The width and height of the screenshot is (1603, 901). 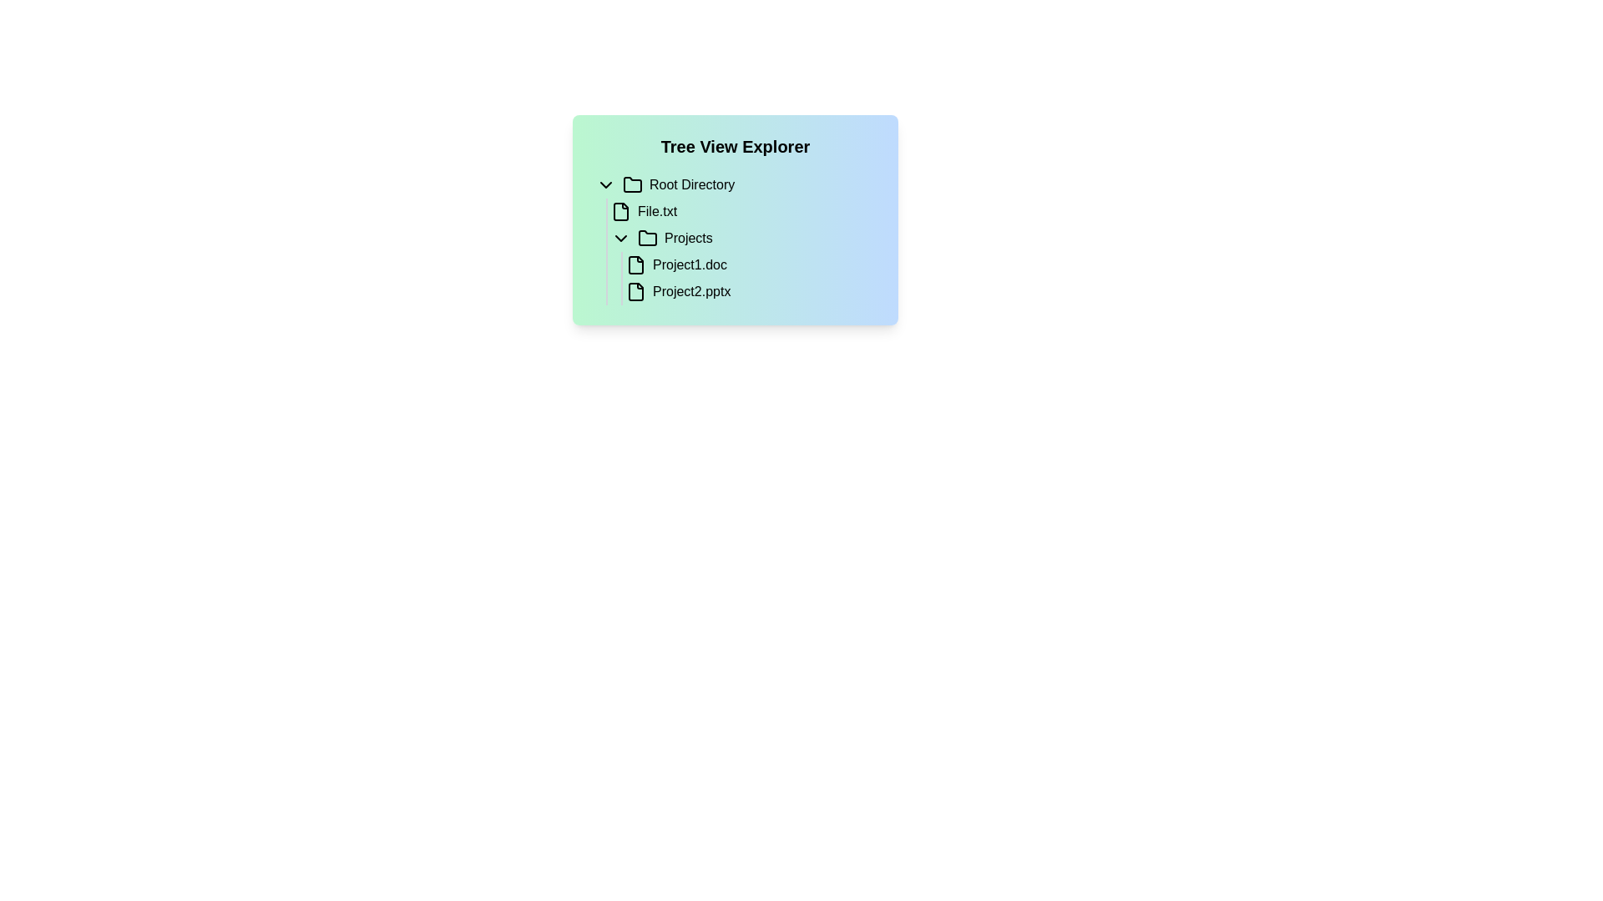 What do you see at coordinates (735, 185) in the screenshot?
I see `the root directory in the Tree View Explorer` at bounding box center [735, 185].